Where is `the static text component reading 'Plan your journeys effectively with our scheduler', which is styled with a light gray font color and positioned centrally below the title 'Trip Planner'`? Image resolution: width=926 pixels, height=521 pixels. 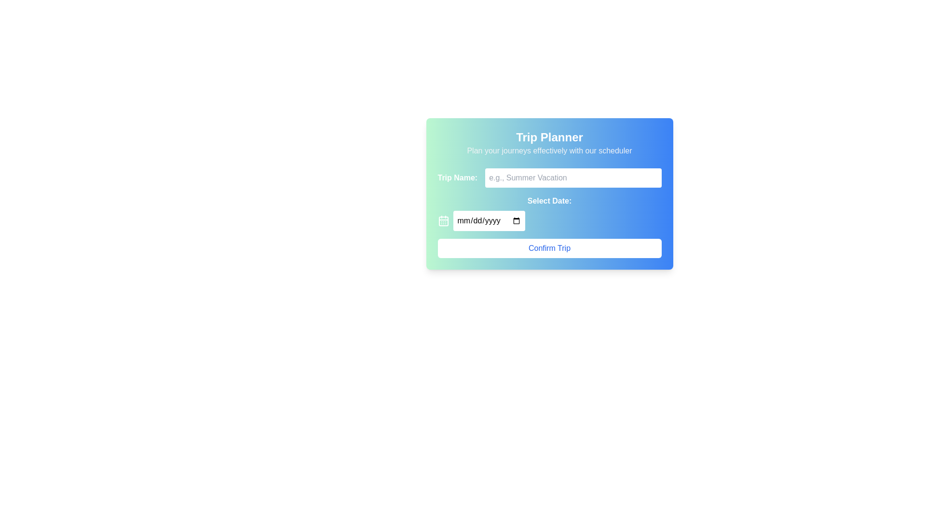
the static text component reading 'Plan your journeys effectively with our scheduler', which is styled with a light gray font color and positioned centrally below the title 'Trip Planner' is located at coordinates (549, 151).